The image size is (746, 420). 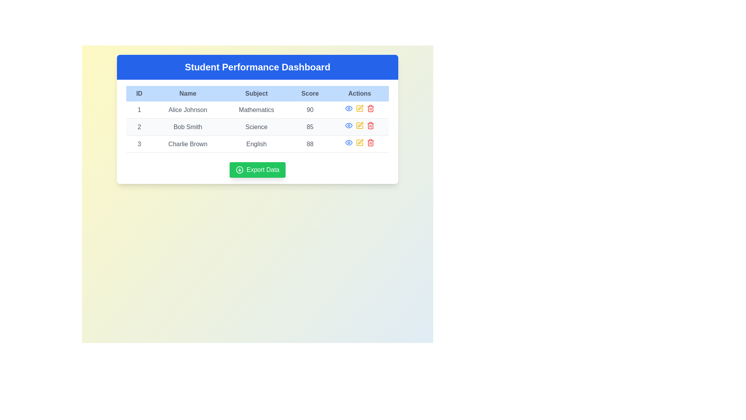 I want to click on the small yellow pencil icon in the 'Actions' column of the second row in the table to initiate editing, so click(x=359, y=125).